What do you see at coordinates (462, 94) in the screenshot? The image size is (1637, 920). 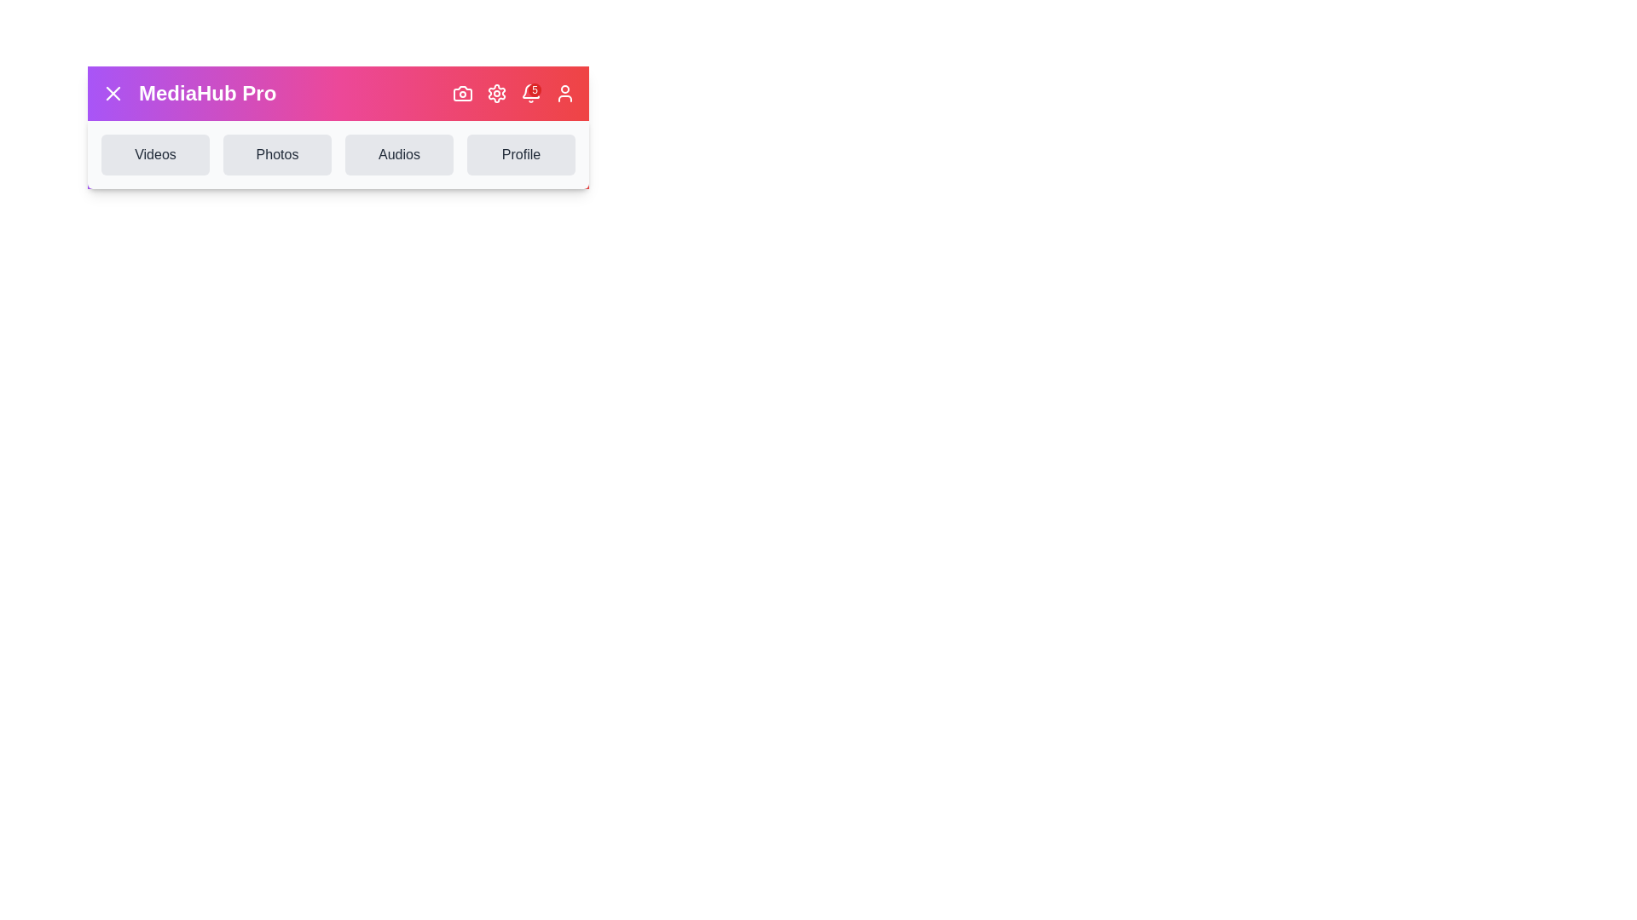 I see `the camera icon to initiate photo-related actions` at bounding box center [462, 94].